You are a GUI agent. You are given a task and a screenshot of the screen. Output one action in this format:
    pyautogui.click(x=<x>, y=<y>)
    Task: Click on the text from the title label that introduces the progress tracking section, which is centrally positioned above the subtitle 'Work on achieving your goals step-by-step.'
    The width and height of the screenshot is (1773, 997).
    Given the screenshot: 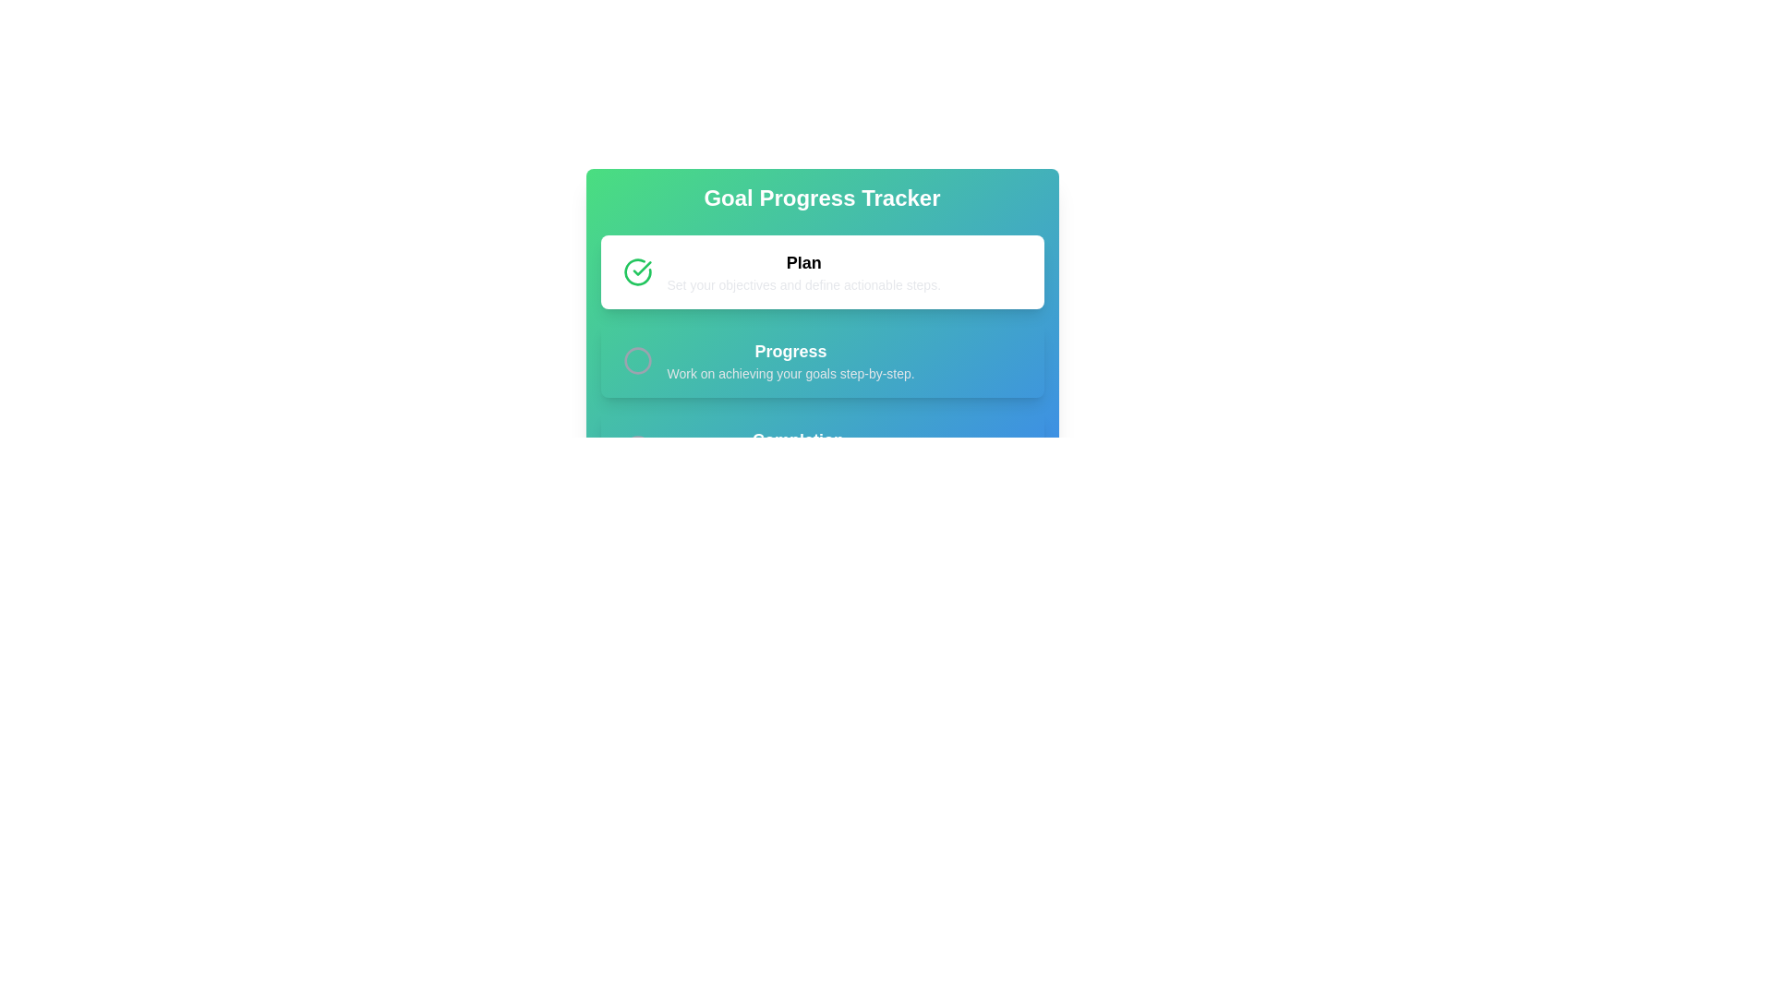 What is the action you would take?
    pyautogui.click(x=790, y=352)
    